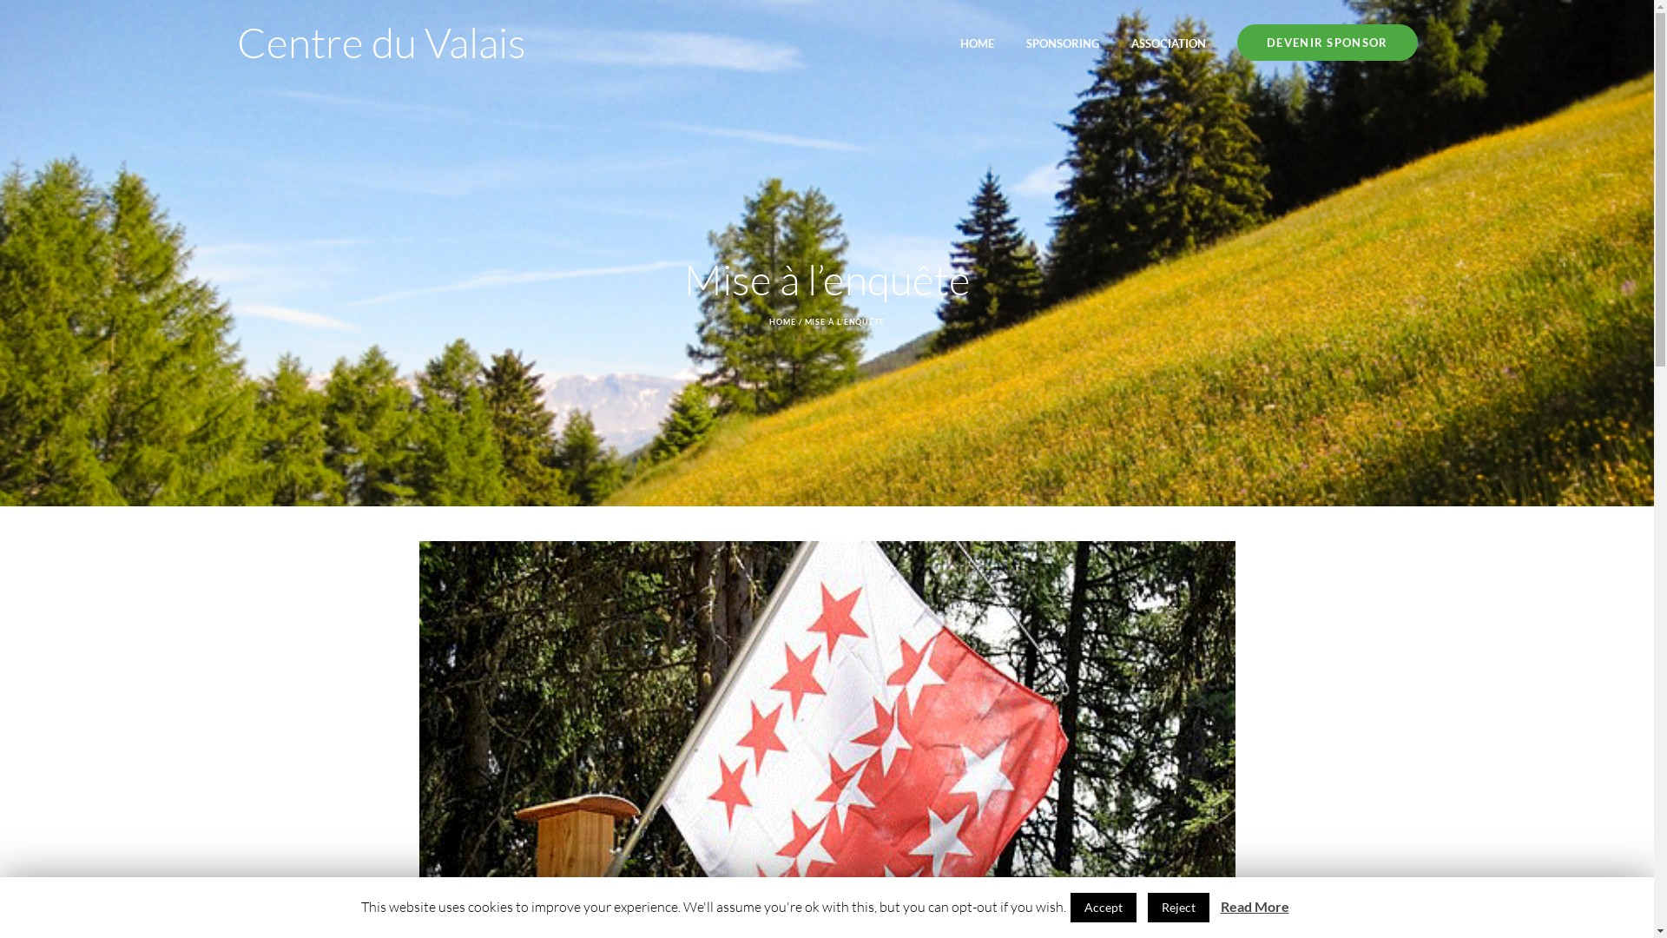 The height and width of the screenshot is (938, 1667). What do you see at coordinates (1168, 42) in the screenshot?
I see `'ASSOCIATION'` at bounding box center [1168, 42].